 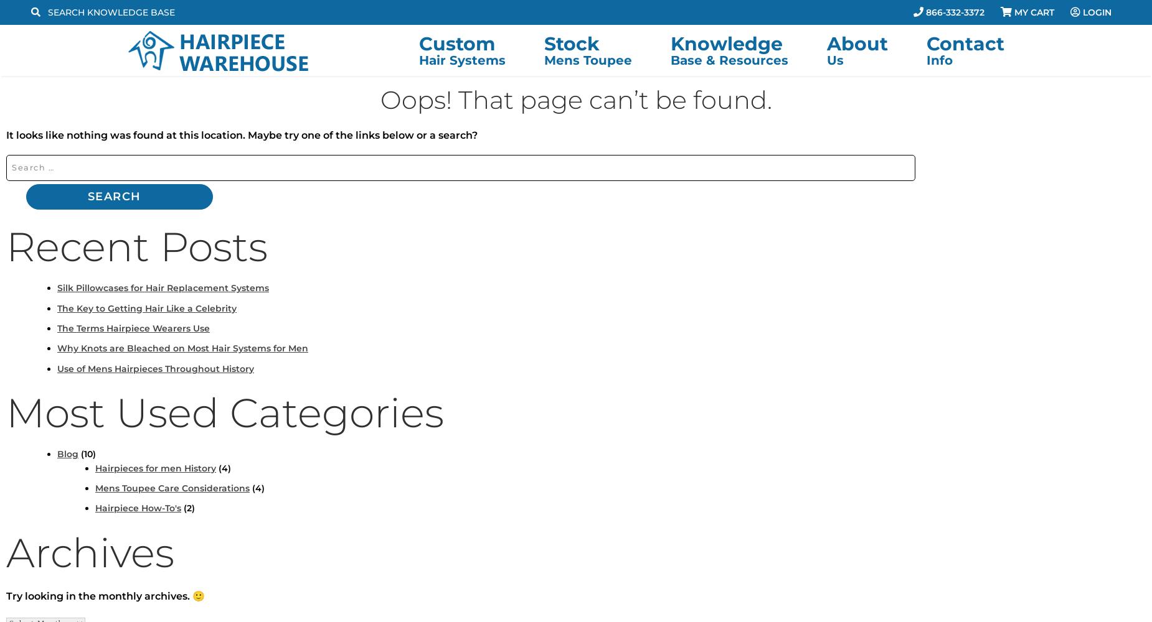 What do you see at coordinates (154, 468) in the screenshot?
I see `'Hairpieces for men History'` at bounding box center [154, 468].